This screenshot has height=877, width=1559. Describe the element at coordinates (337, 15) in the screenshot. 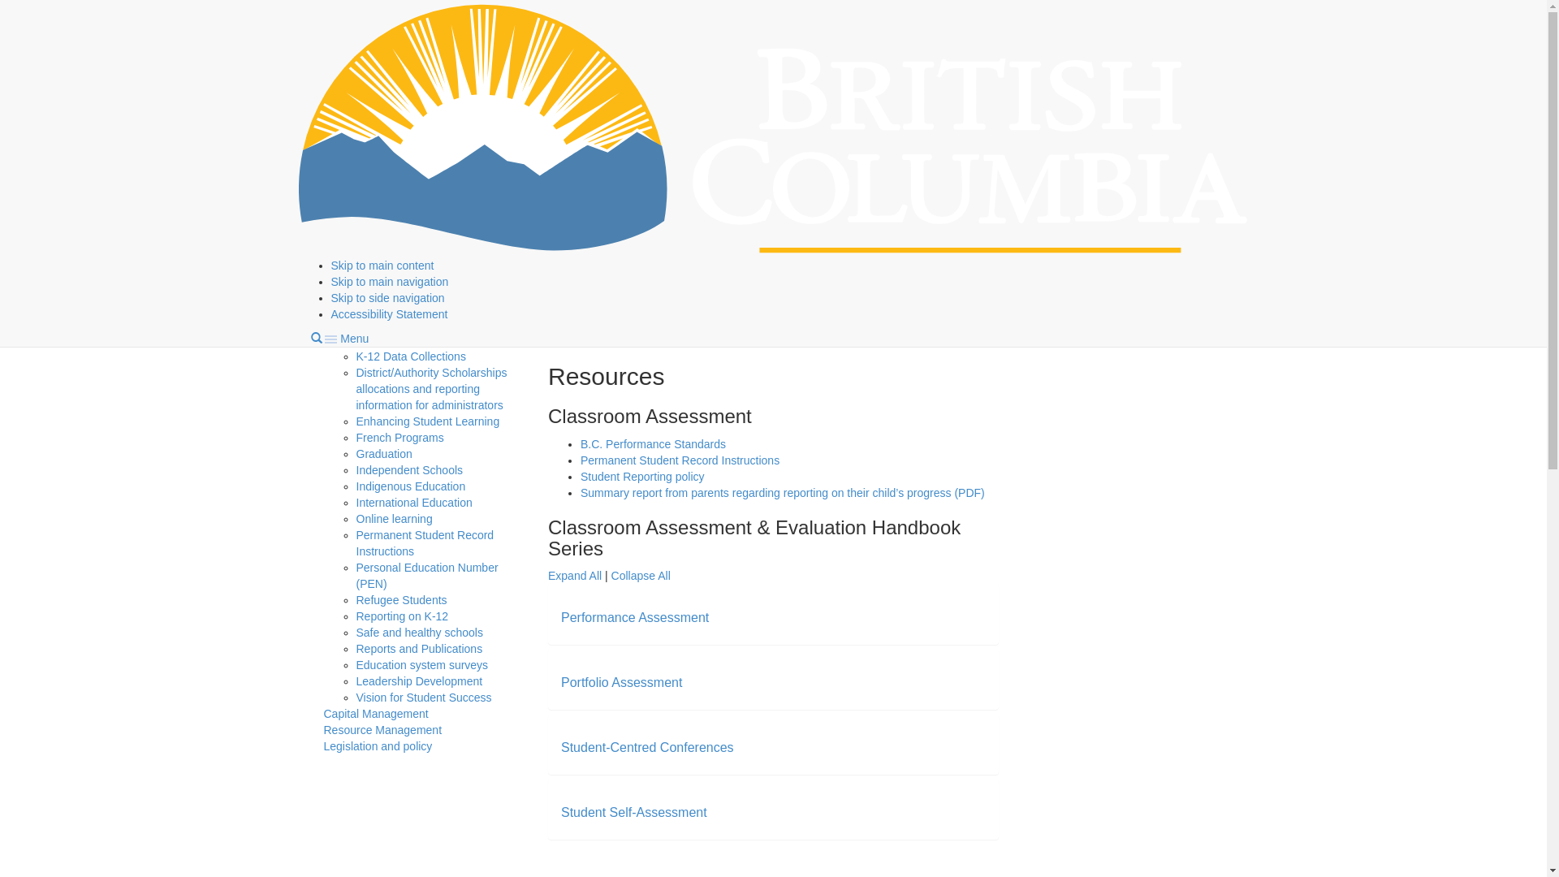

I see `'Home'` at that location.